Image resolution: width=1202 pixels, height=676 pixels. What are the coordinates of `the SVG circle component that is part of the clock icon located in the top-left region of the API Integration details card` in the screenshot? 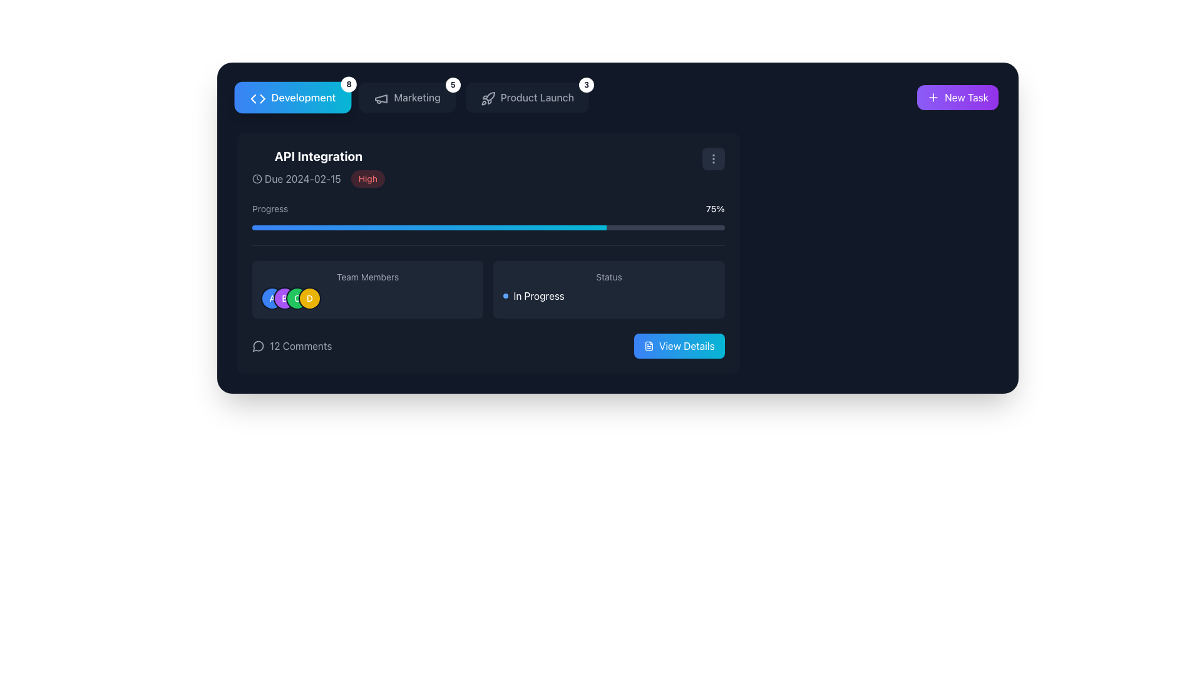 It's located at (257, 178).